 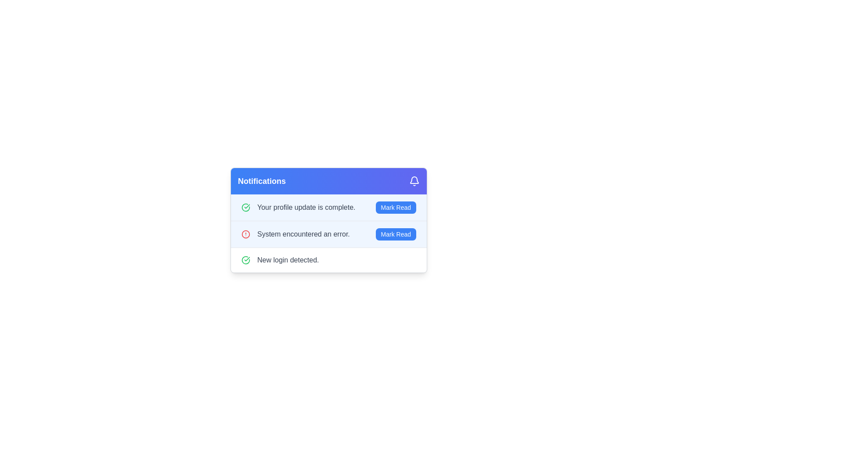 What do you see at coordinates (395, 208) in the screenshot?
I see `the blue button with white text that indicates profile update completion` at bounding box center [395, 208].